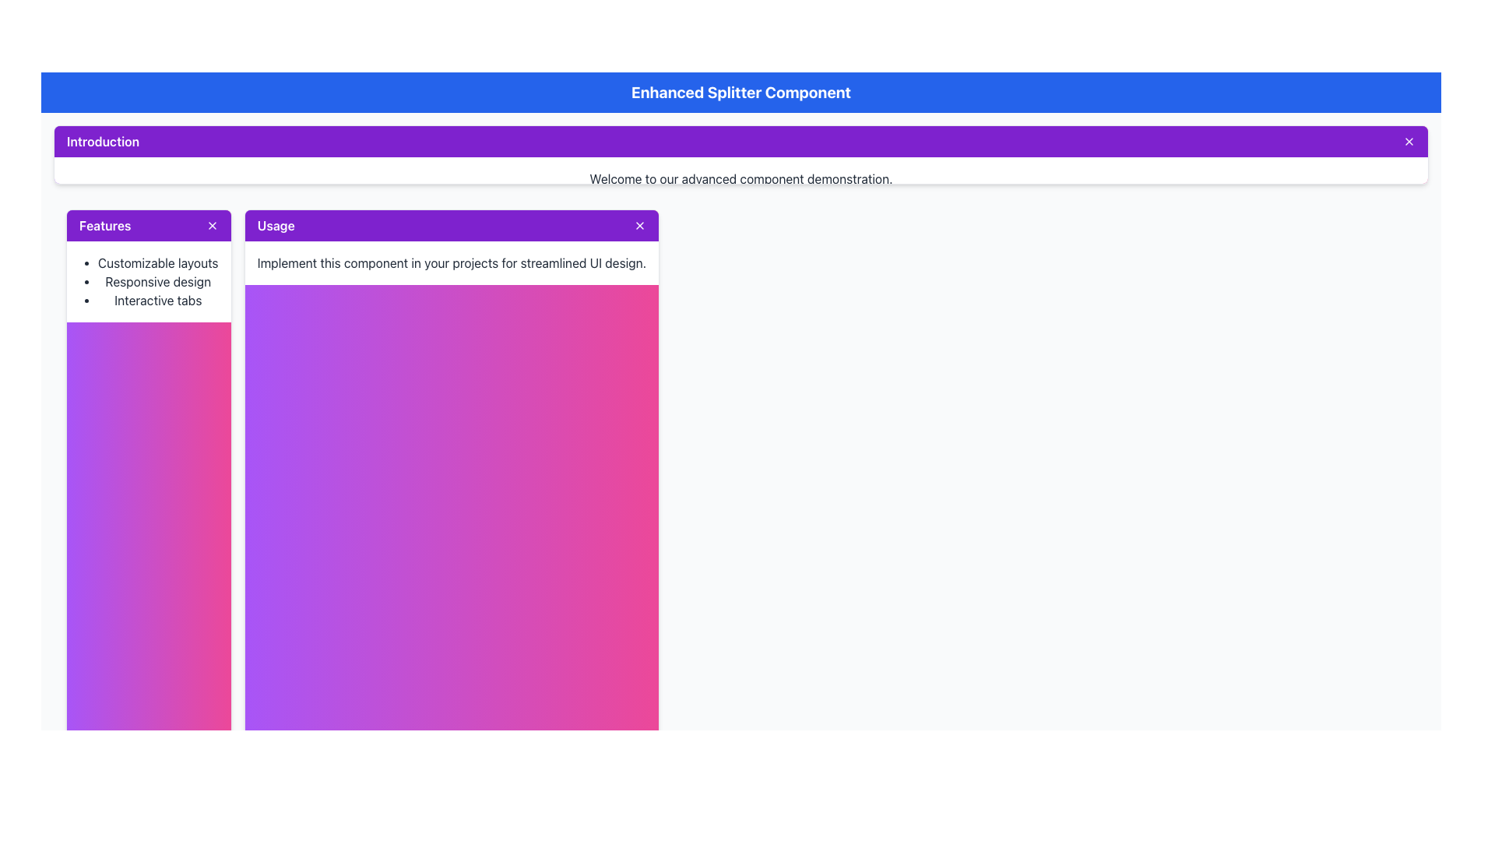  What do you see at coordinates (451, 262) in the screenshot?
I see `the text block that contains the message 'Implement this component in your projects for streamlined UI design' located in the 'Usage' section beneath the Usage header` at bounding box center [451, 262].